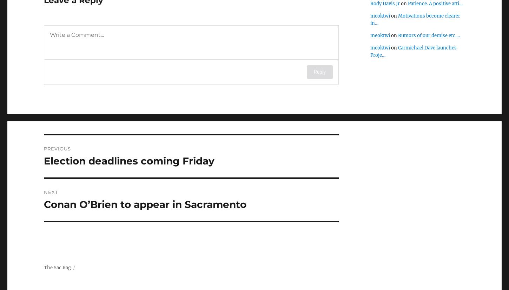 This screenshot has height=290, width=509. I want to click on 'Previous', so click(43, 148).